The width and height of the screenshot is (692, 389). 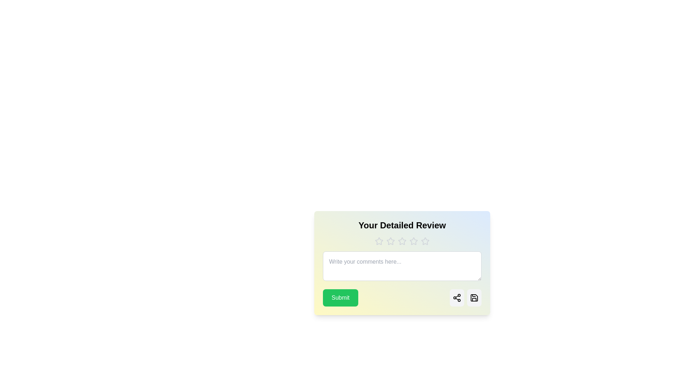 I want to click on the Share button to share the review, so click(x=456, y=298).